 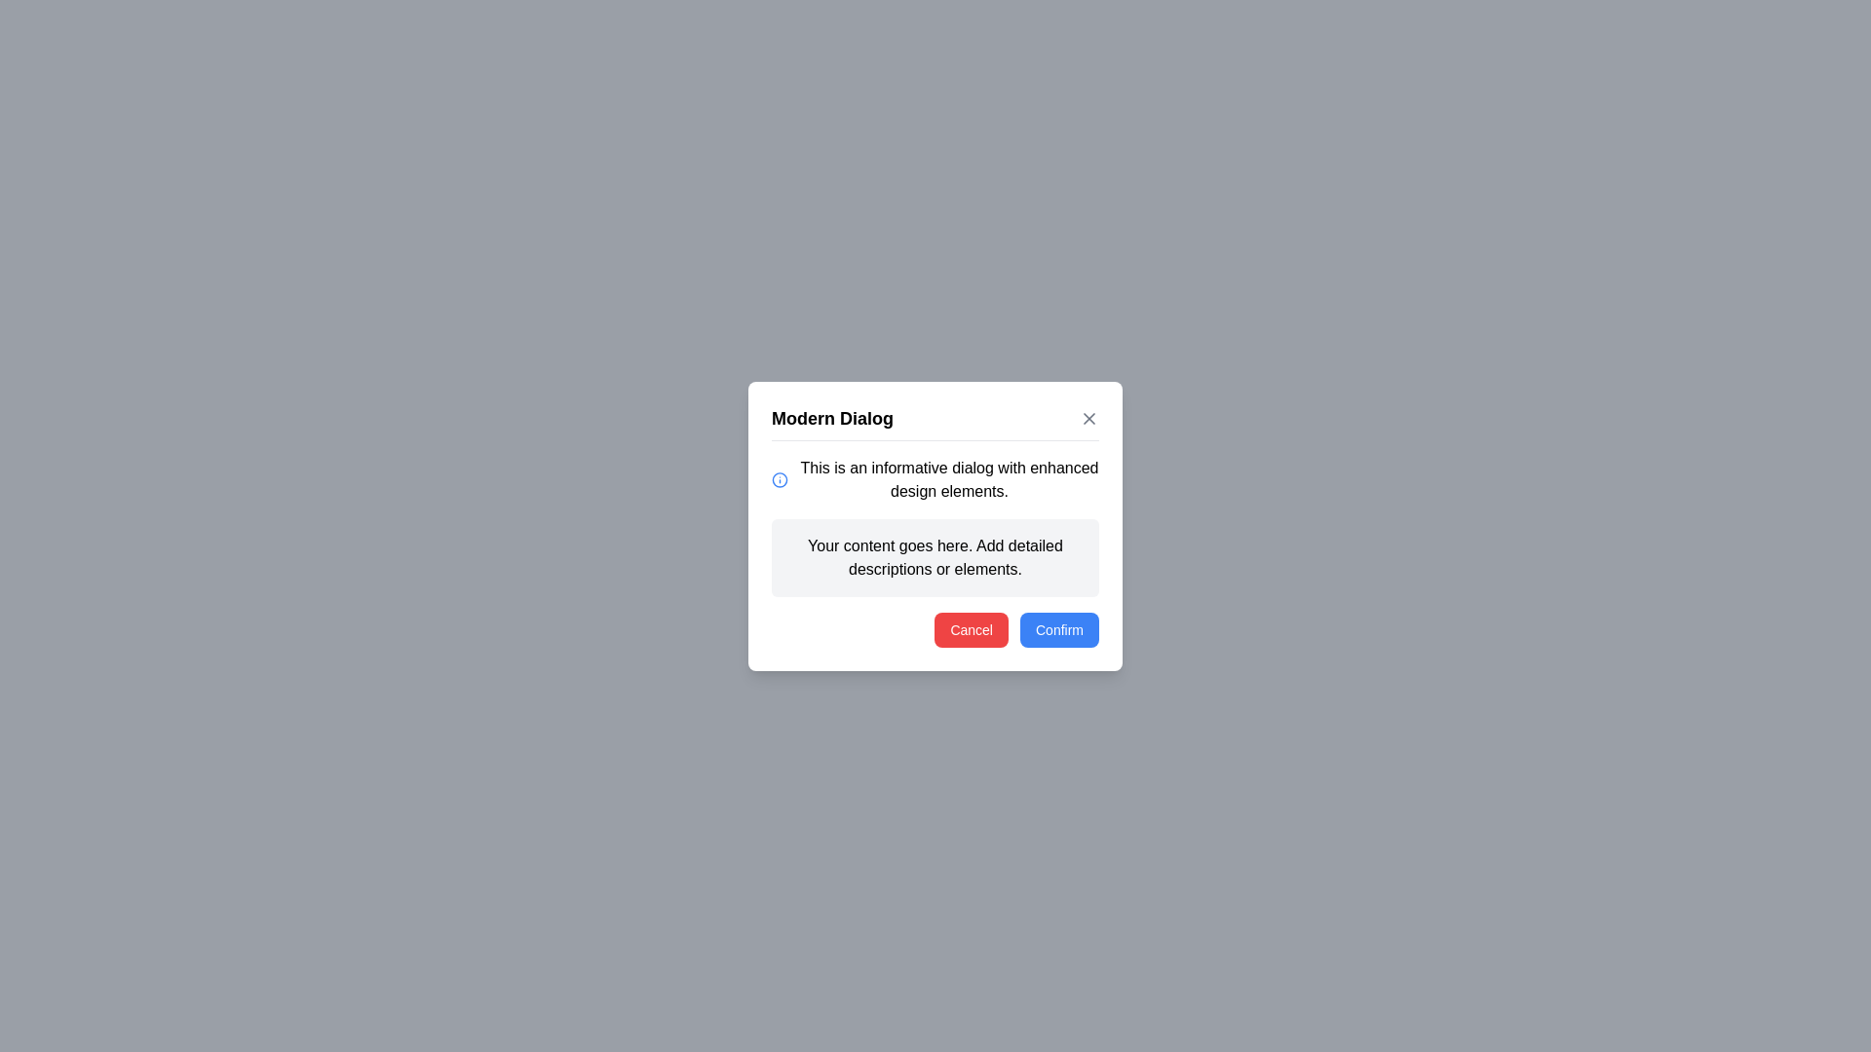 I want to click on the bold, large text label reading 'Modern Dialog' located at the top-left side of the dialog box, so click(x=832, y=417).